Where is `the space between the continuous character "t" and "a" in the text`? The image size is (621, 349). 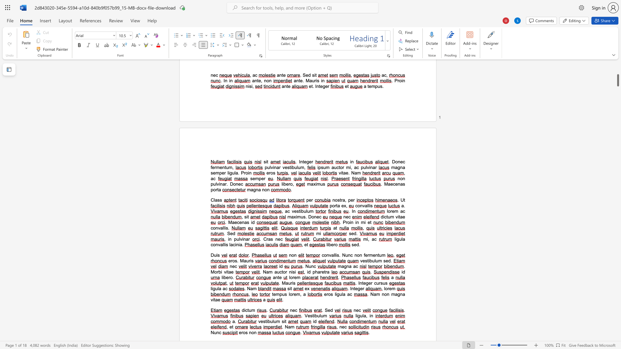
the space between the continuous character "t" and "a" in the text is located at coordinates (219, 189).